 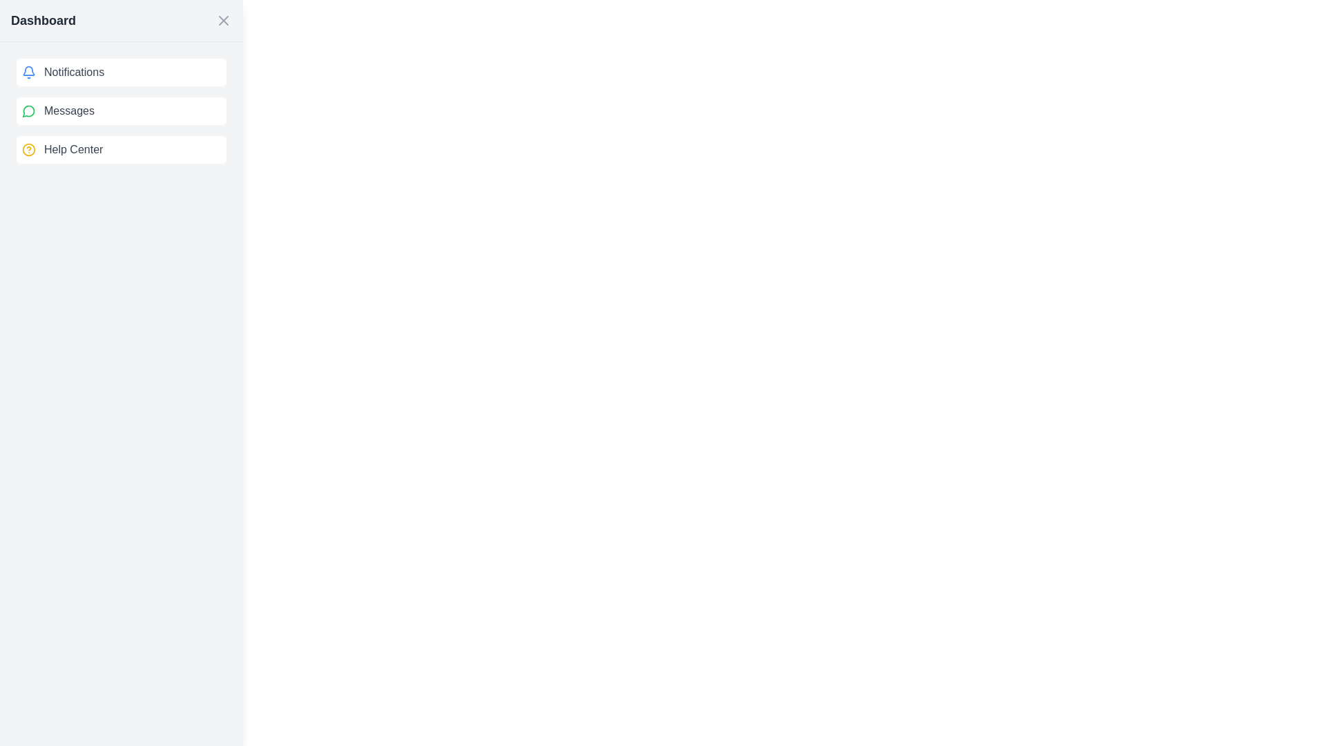 What do you see at coordinates (29, 111) in the screenshot?
I see `the green chat bubble icon in the navigation sidebar preceding the 'Messages' text` at bounding box center [29, 111].